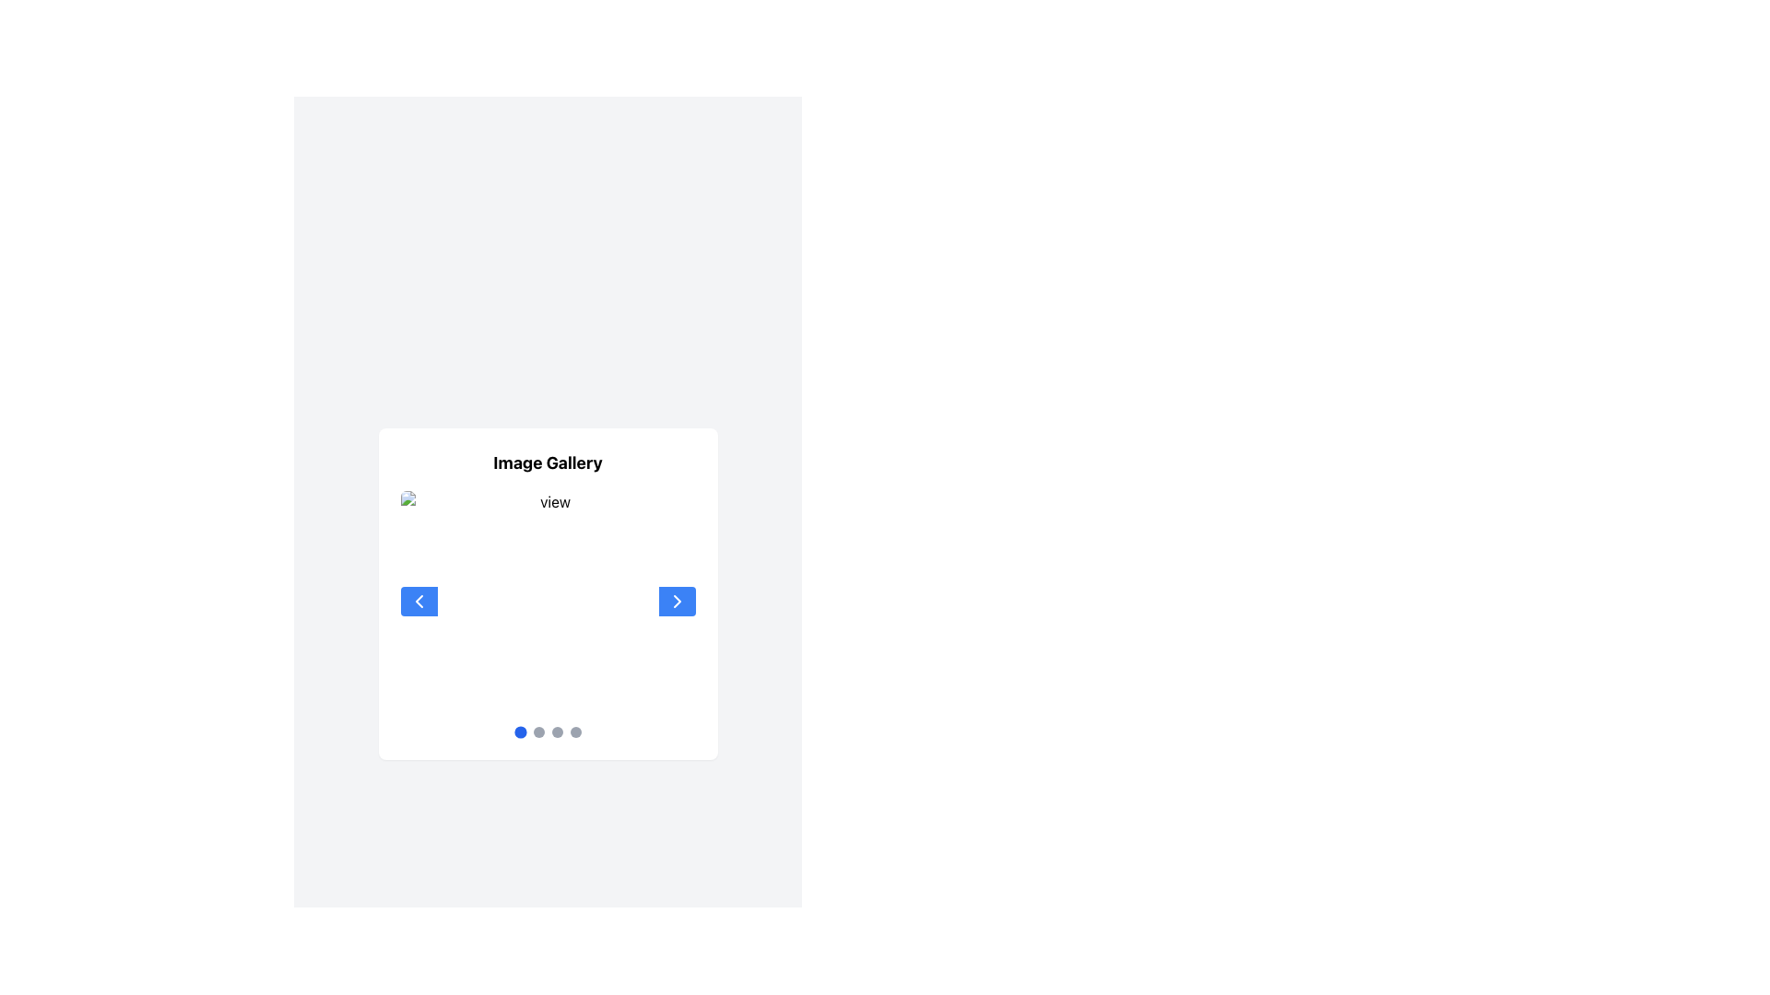 The height and width of the screenshot is (995, 1770). I want to click on the fourth dot of the carousel control indicators, so click(574, 731).